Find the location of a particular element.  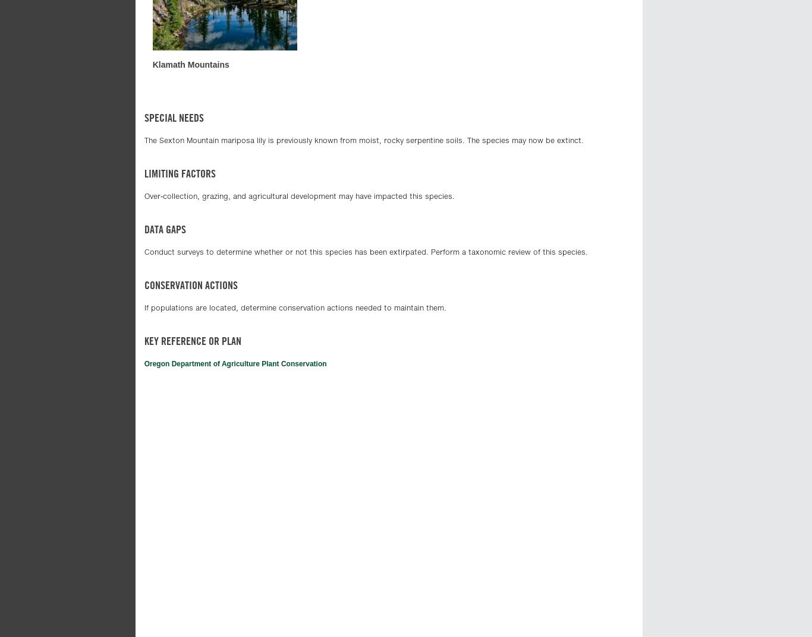

'The Sexton Mountain mariposa lily is previously known from moist, rocky serpentine soils. The species may now be extinct.' is located at coordinates (363, 140).